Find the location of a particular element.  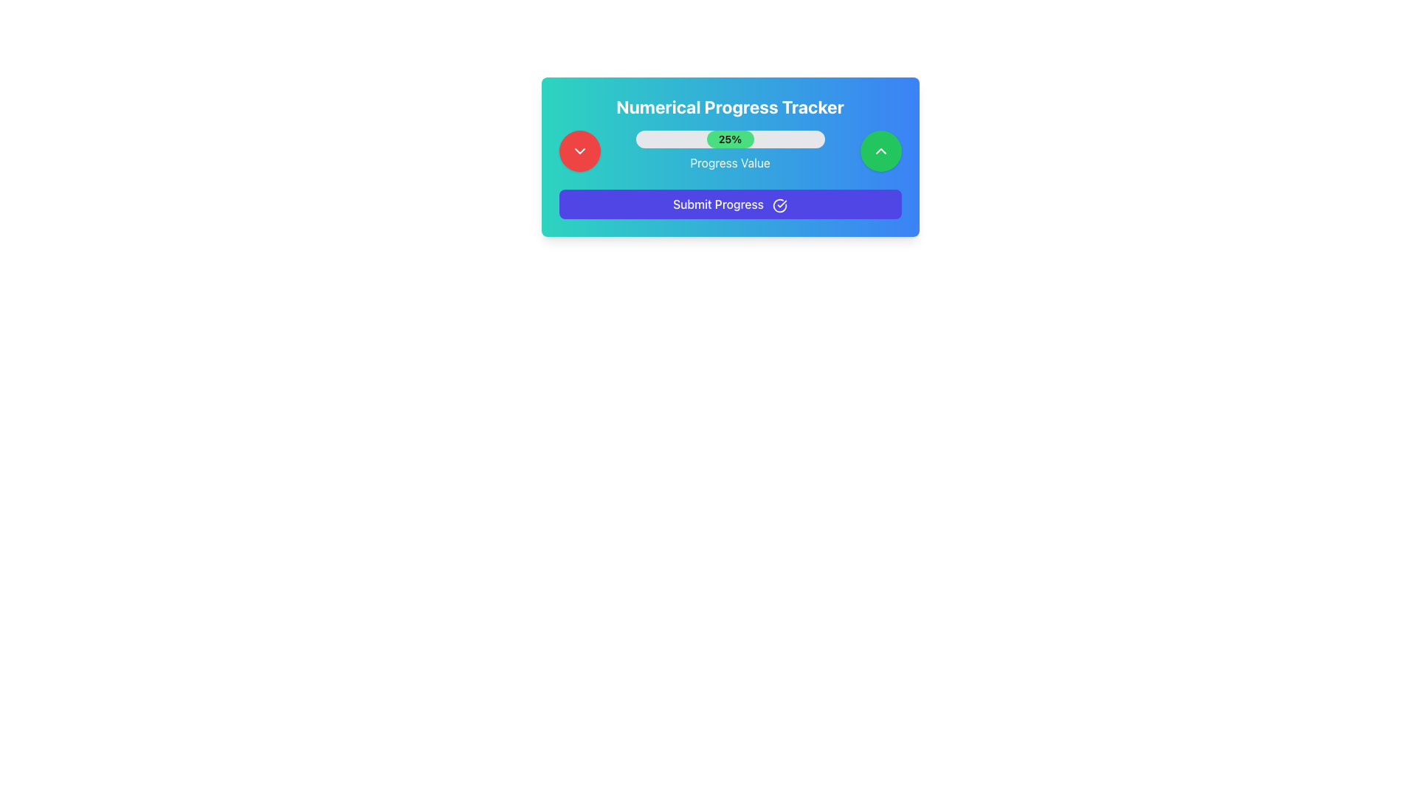

the chevron icon located within the left circular red background component is located at coordinates (579, 151).